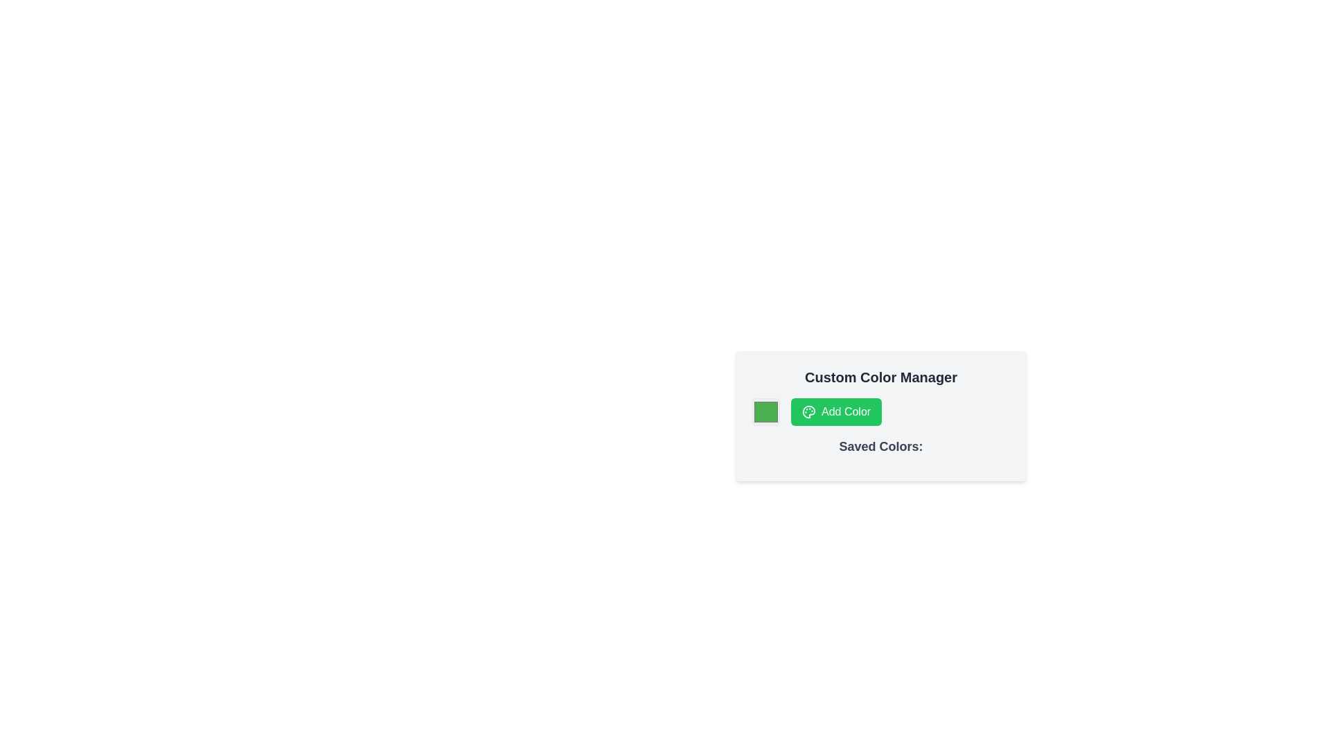 The width and height of the screenshot is (1330, 748). What do you see at coordinates (880, 377) in the screenshot?
I see `the Static Text element that serves as the title or header, which is positioned above the 'Add Color' button and 'Saved Colors:' text` at bounding box center [880, 377].